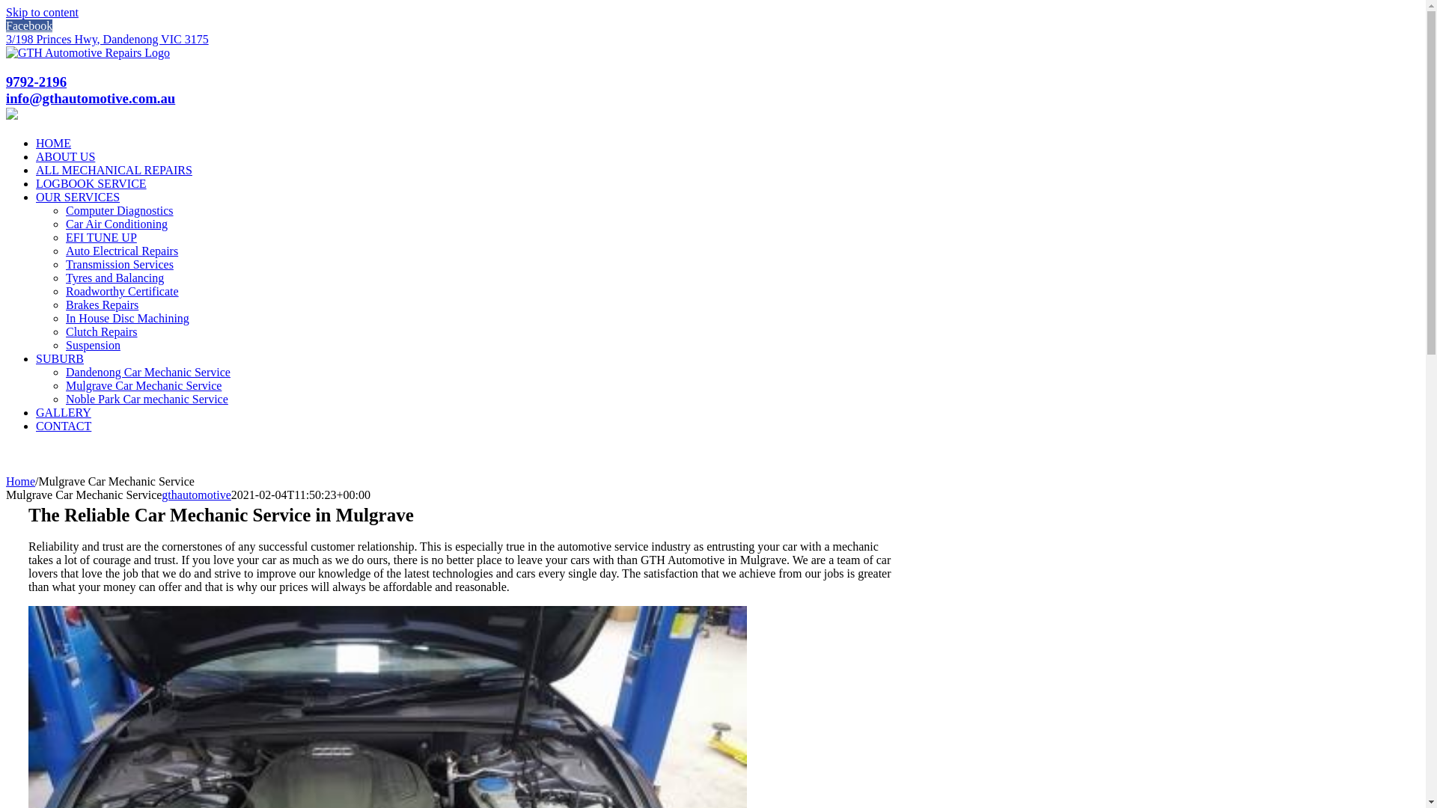 This screenshot has height=808, width=1437. I want to click on 'GALLERY', so click(63, 412).